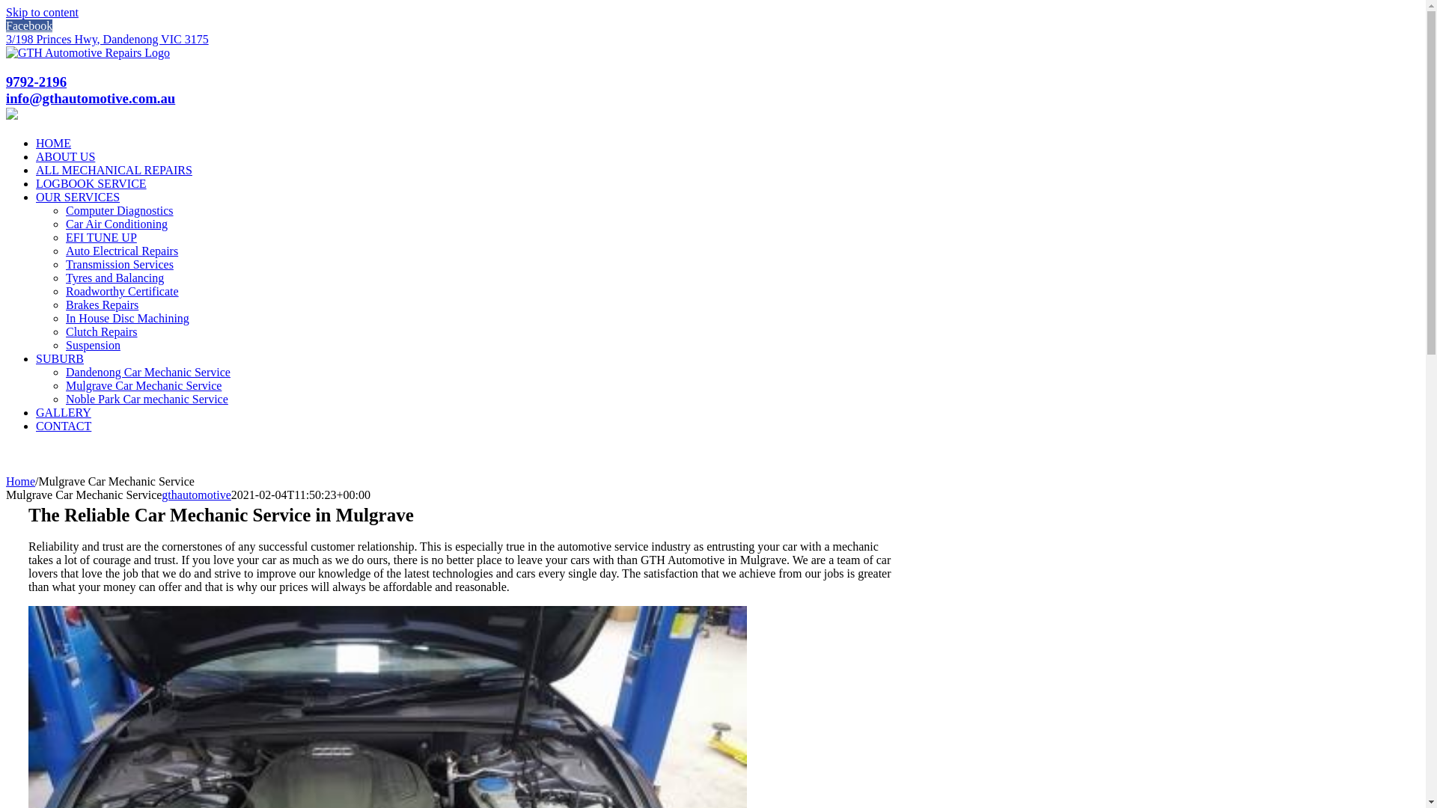 This screenshot has height=808, width=1437. I want to click on 'GALLERY', so click(63, 412).